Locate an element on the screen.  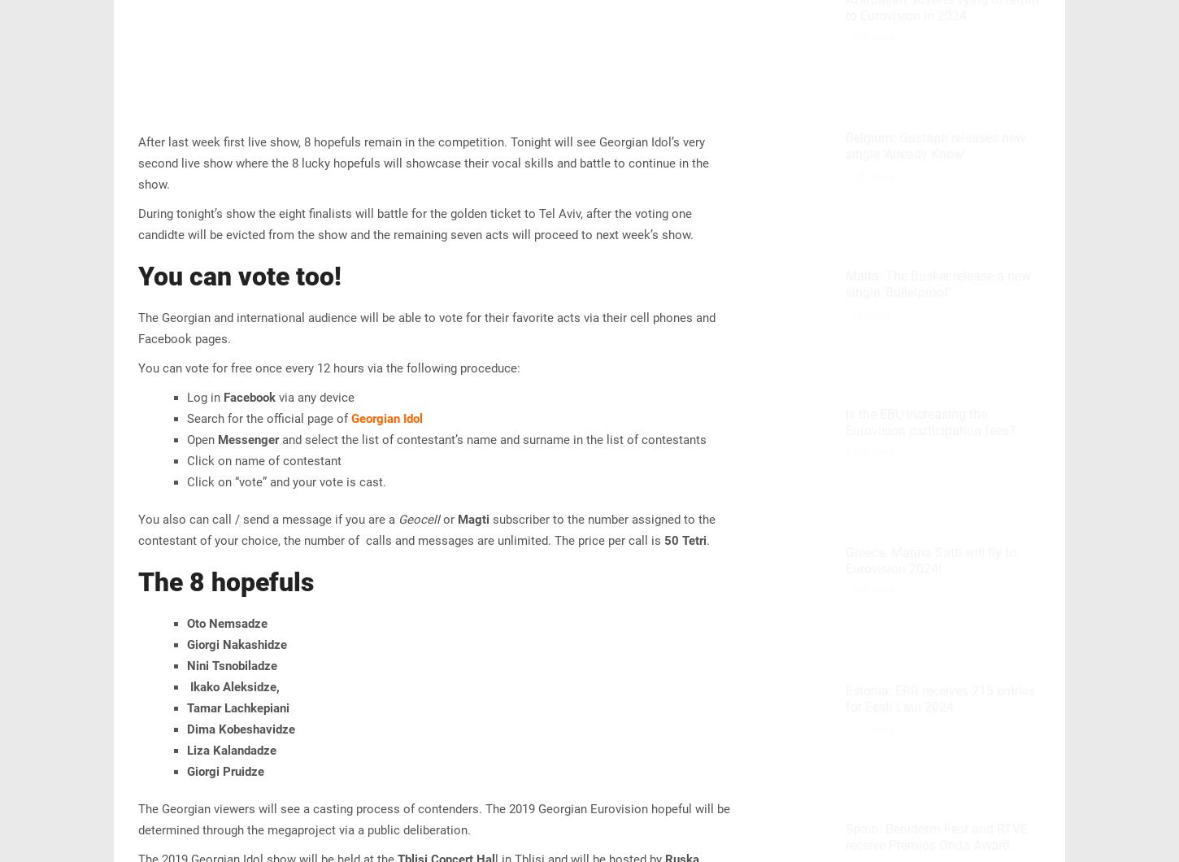
'Log in' is located at coordinates (185, 396).